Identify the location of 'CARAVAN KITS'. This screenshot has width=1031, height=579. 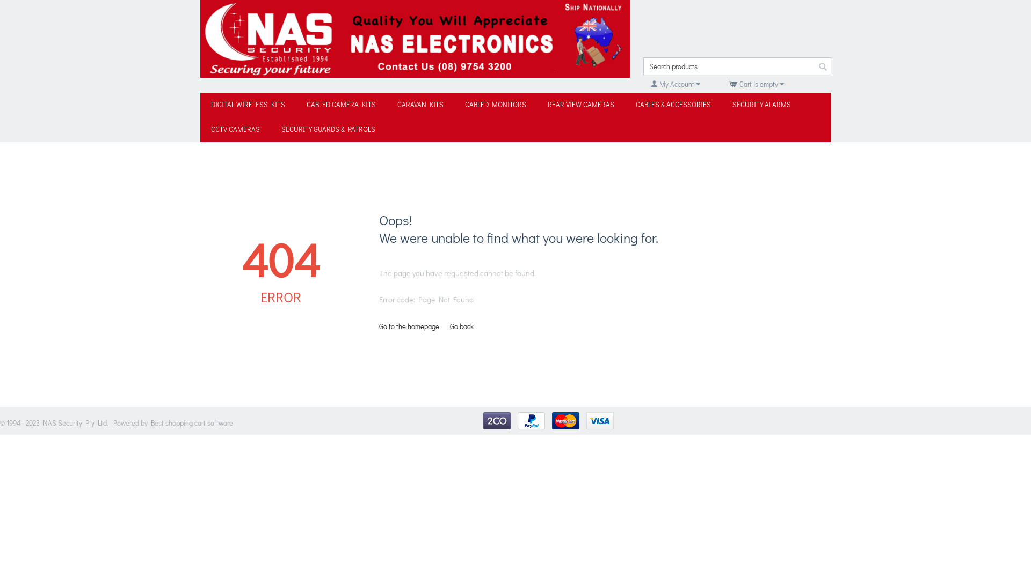
(419, 105).